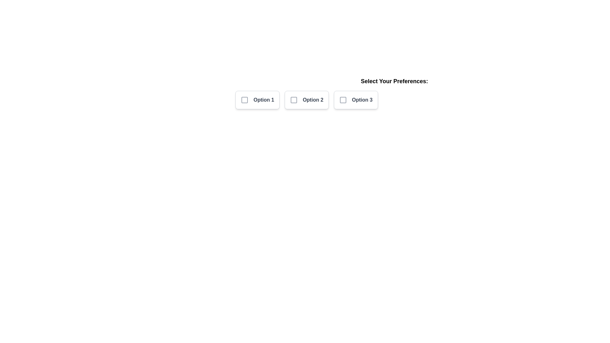 The height and width of the screenshot is (343, 610). Describe the element at coordinates (264, 100) in the screenshot. I see `the text element styled as 'font-semibold' with gray color that displays 'Option 1', located within the first option box of a horizontally aligned group` at that location.